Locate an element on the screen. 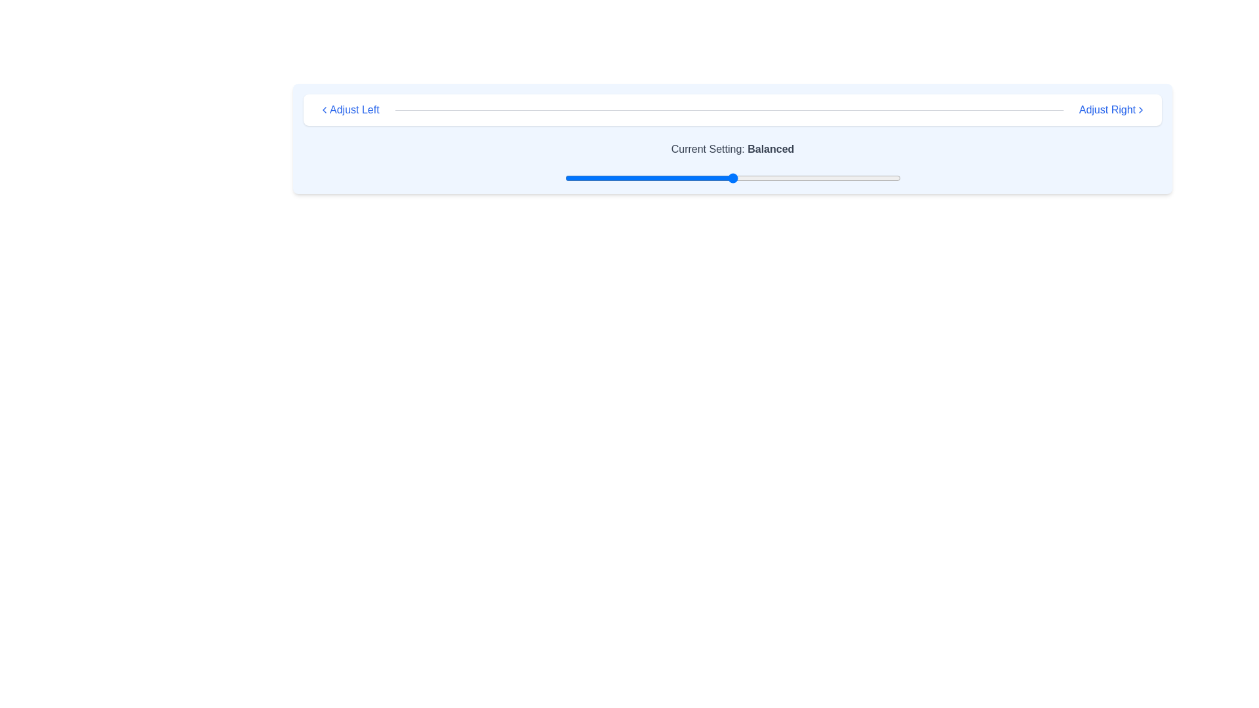 The width and height of the screenshot is (1259, 708). the slider is located at coordinates (786, 178).